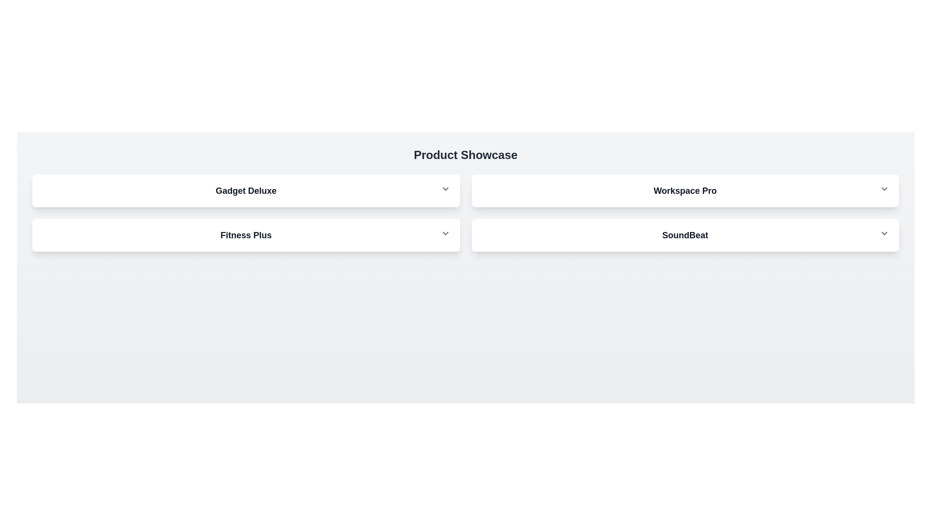 The width and height of the screenshot is (928, 522). Describe the element at coordinates (884, 188) in the screenshot. I see `the circular button with a chevron-down icon in the top-right corner of the 'Workspace Pro' card to change its background color` at that location.